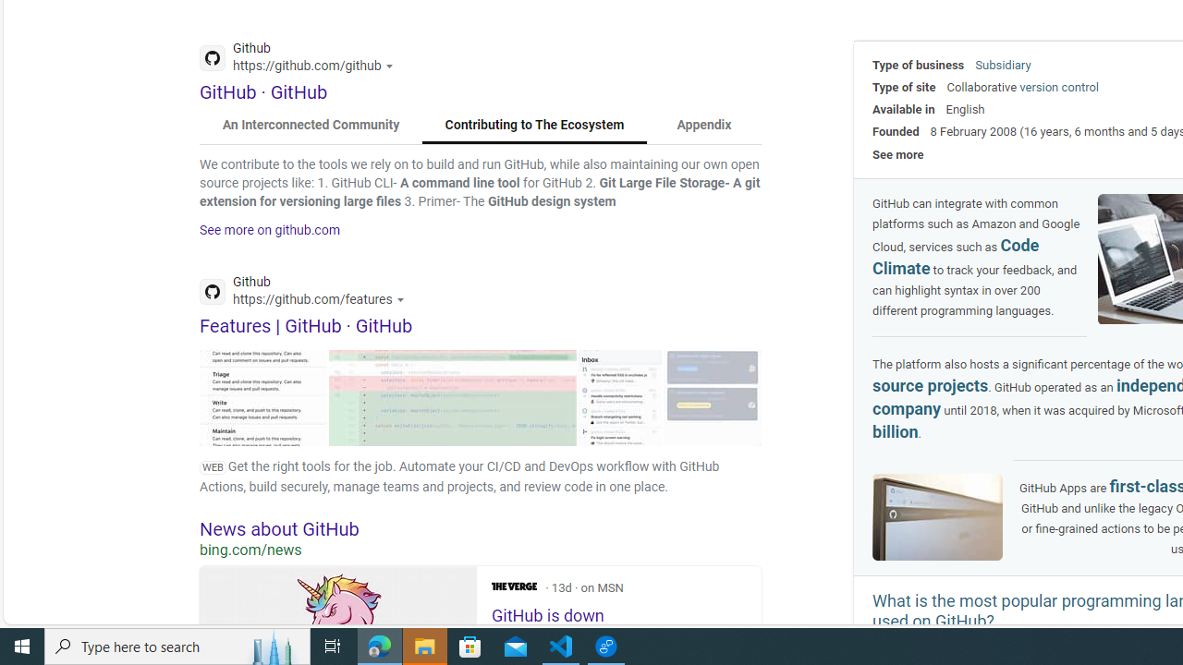 The height and width of the screenshot is (665, 1183). I want to click on 'Available in', so click(904, 109).